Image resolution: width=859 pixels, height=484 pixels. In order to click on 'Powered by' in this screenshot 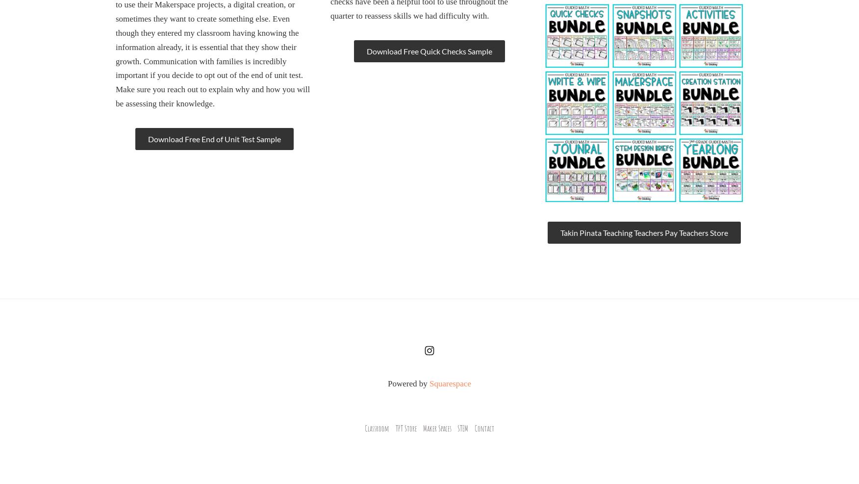, I will do `click(408, 383)`.